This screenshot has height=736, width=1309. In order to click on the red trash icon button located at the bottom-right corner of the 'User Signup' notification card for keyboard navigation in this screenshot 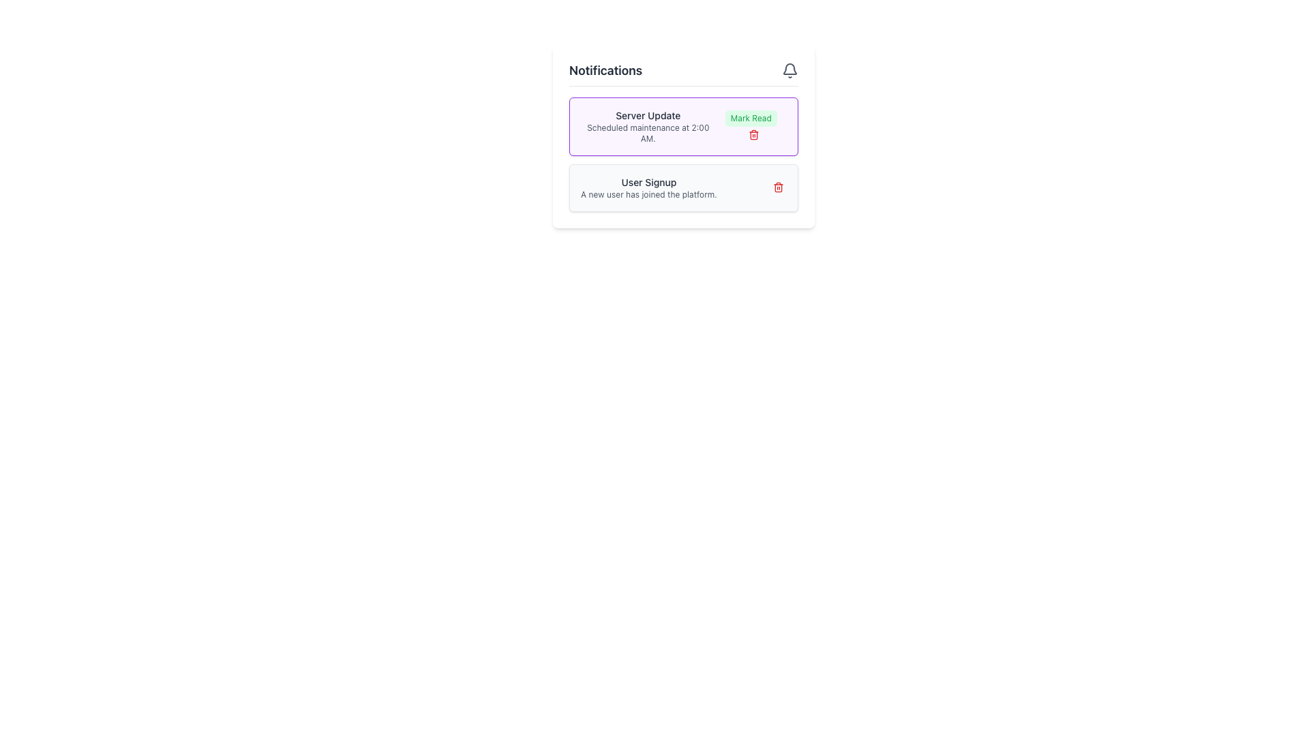, I will do `click(779, 187)`.